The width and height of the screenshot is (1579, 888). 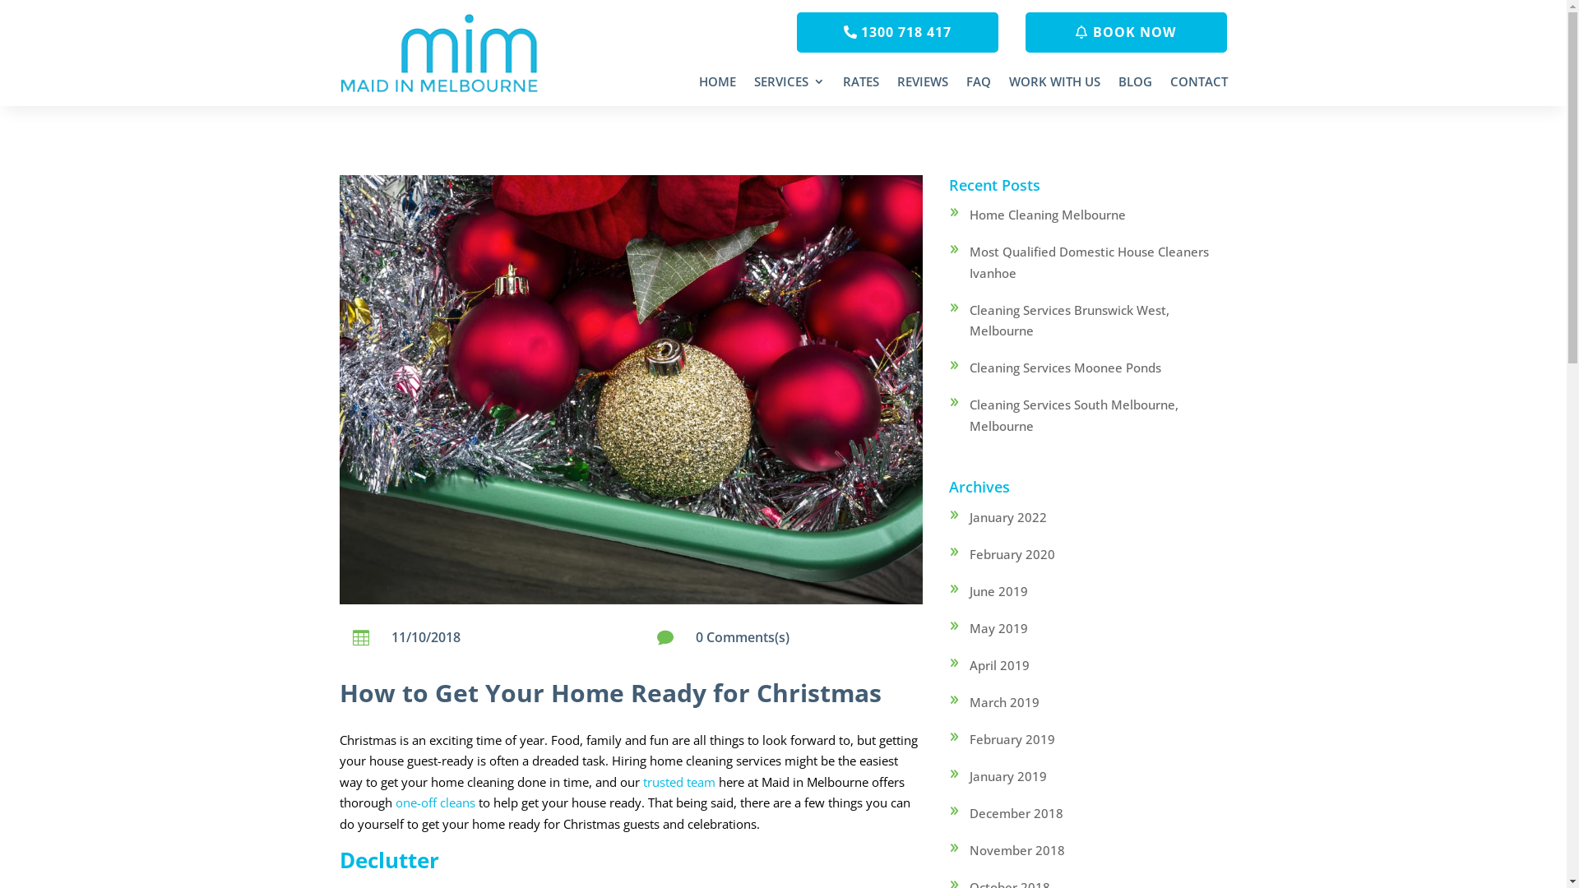 What do you see at coordinates (1069, 320) in the screenshot?
I see `'Cleaning Services Brunswick West, Melbourne'` at bounding box center [1069, 320].